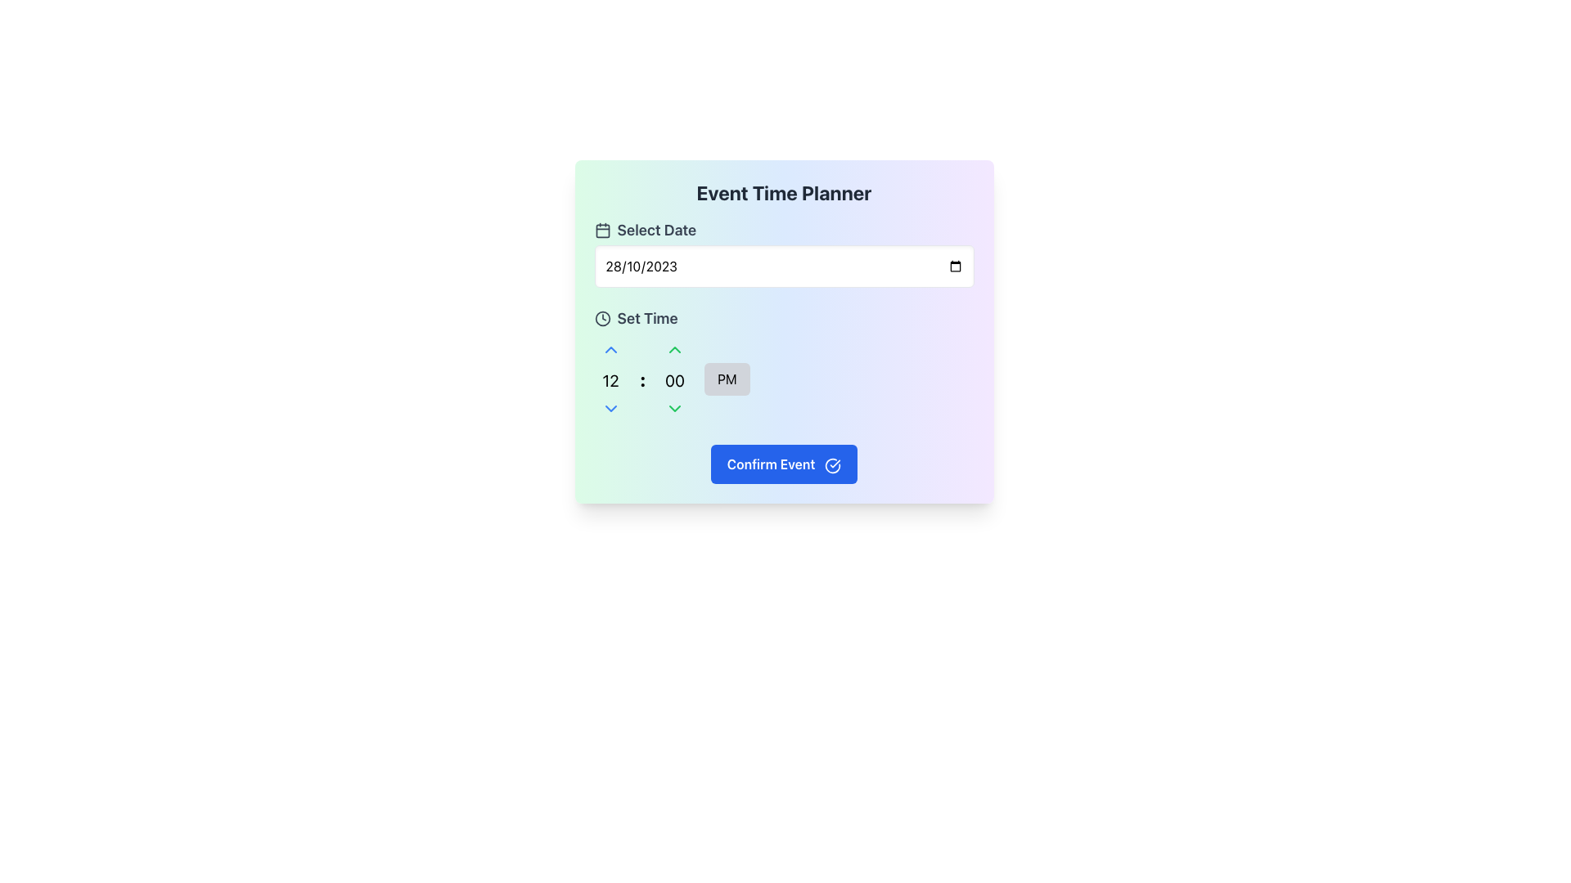  I want to click on the static text character (colon) that separates the hour ('12') and minute ('00') inputs in the time selection widget, which serves as a visual guide for users, so click(641, 379).